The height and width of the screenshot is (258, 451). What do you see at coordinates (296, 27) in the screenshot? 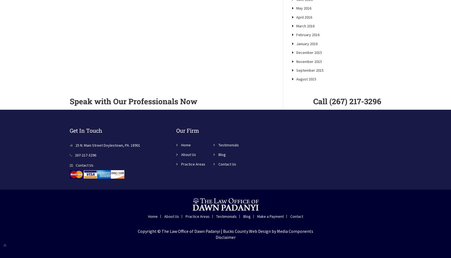
I see `'May 2016'` at bounding box center [296, 27].